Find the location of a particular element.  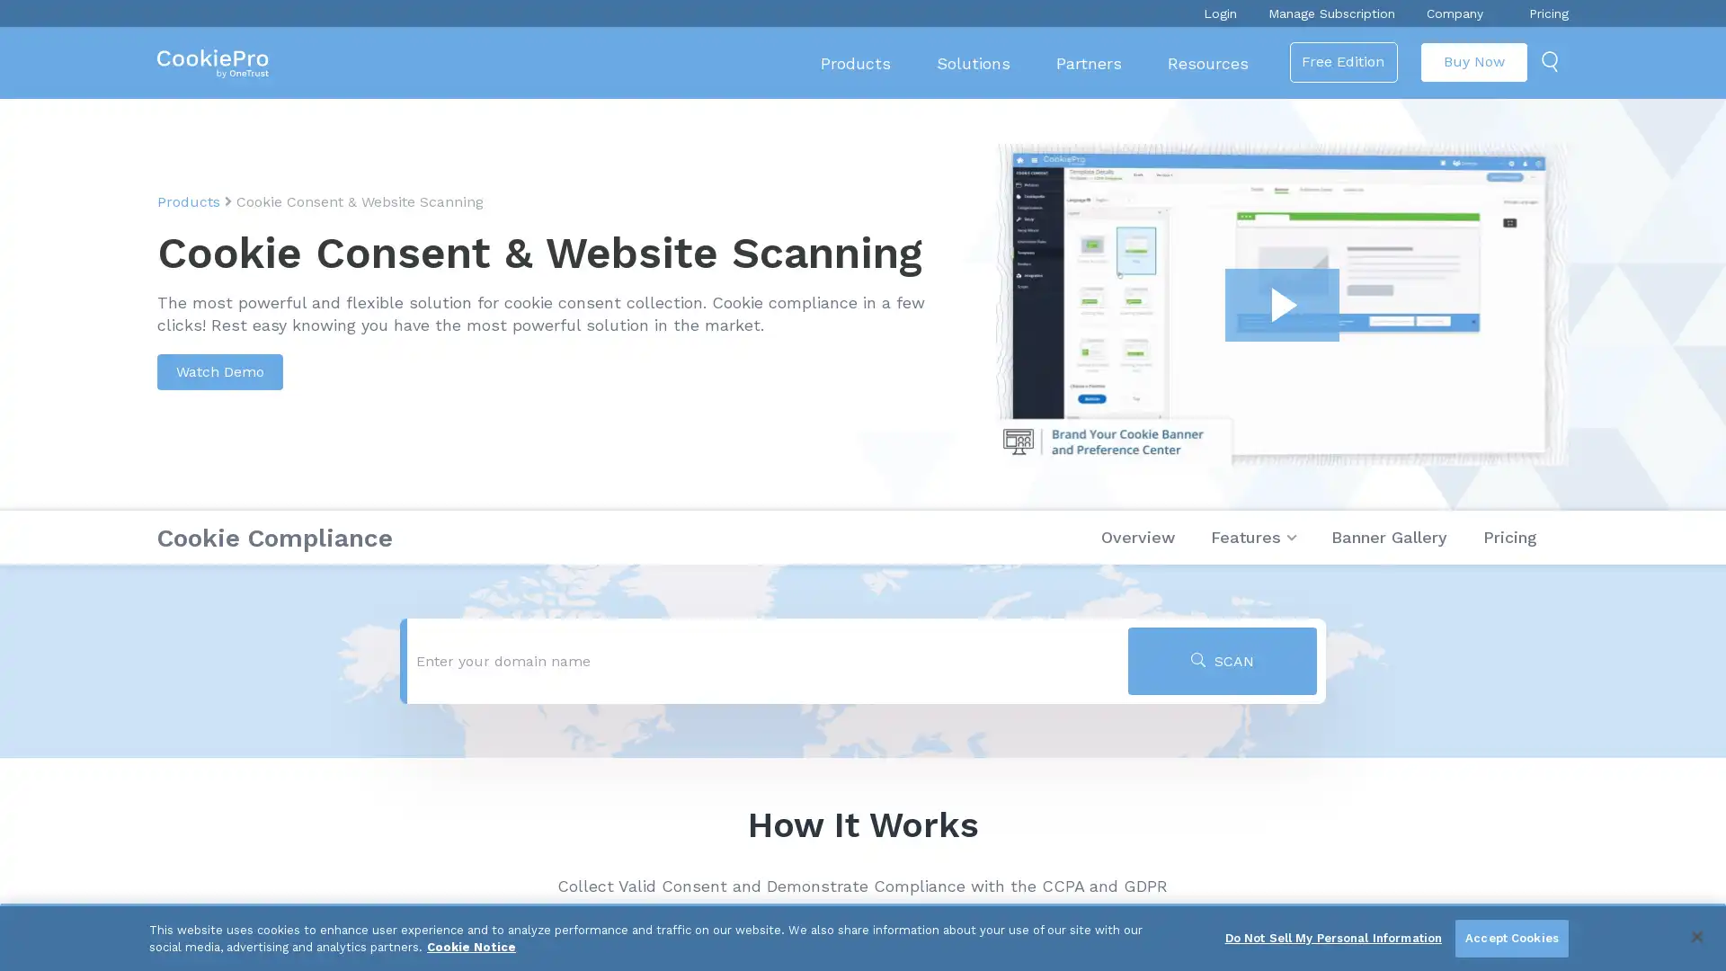

Play is located at coordinates (1281, 304).